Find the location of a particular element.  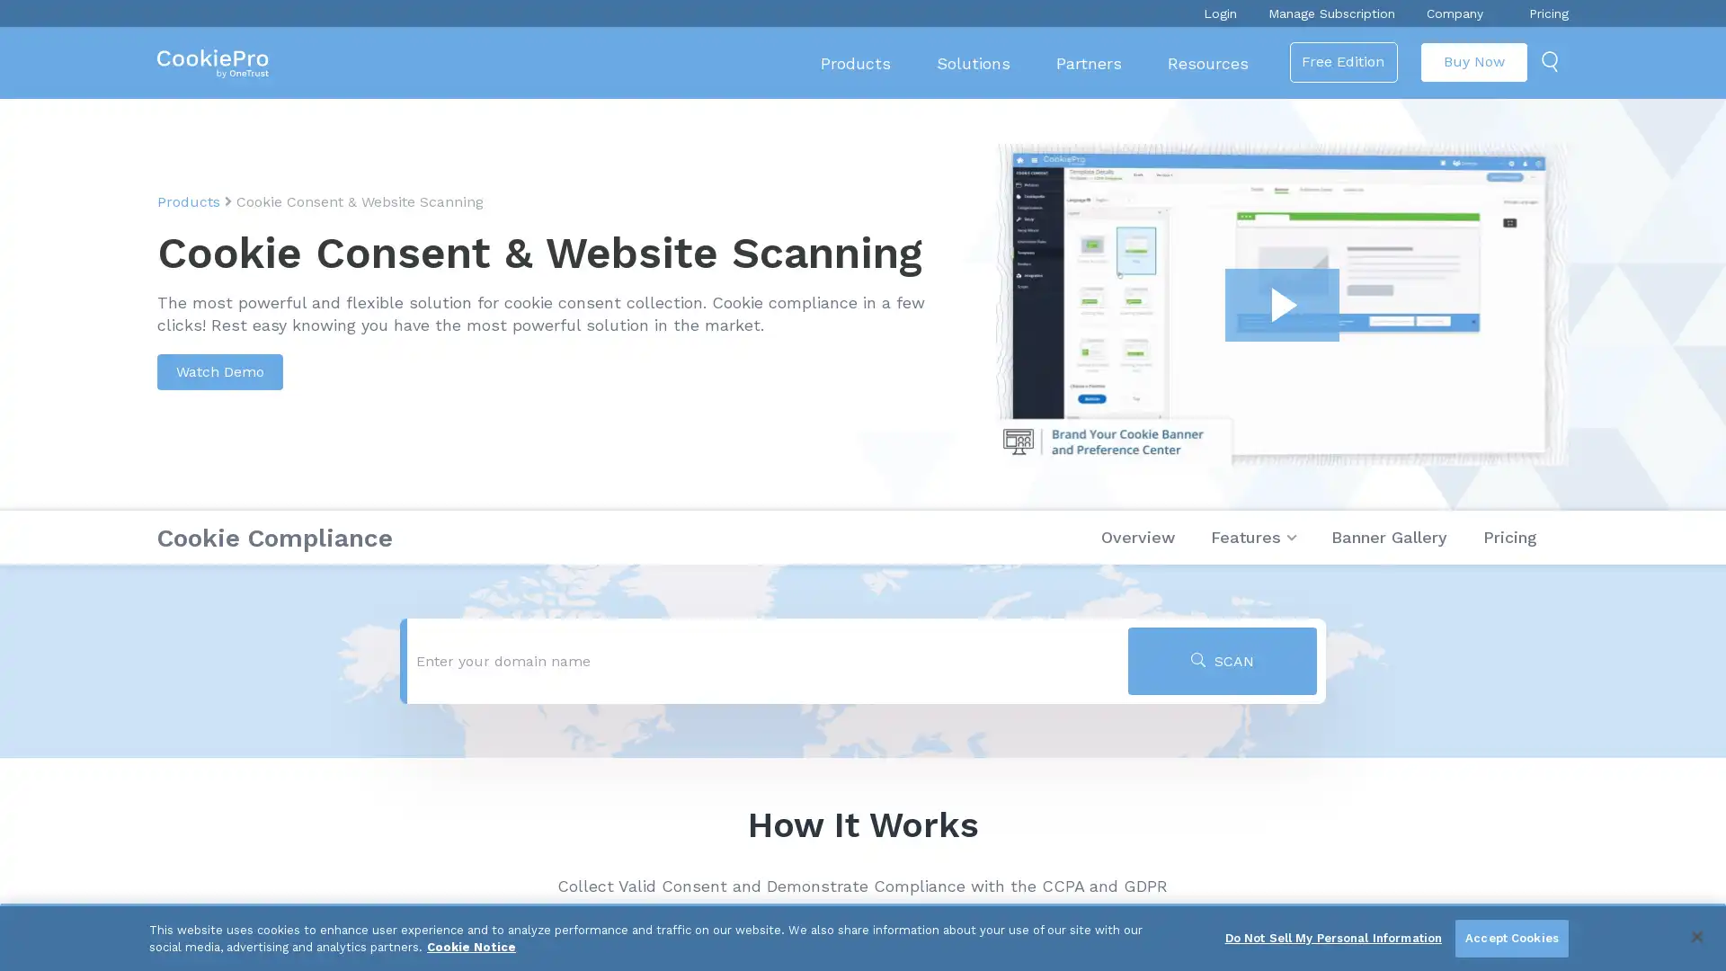

Play is located at coordinates (1281, 304).